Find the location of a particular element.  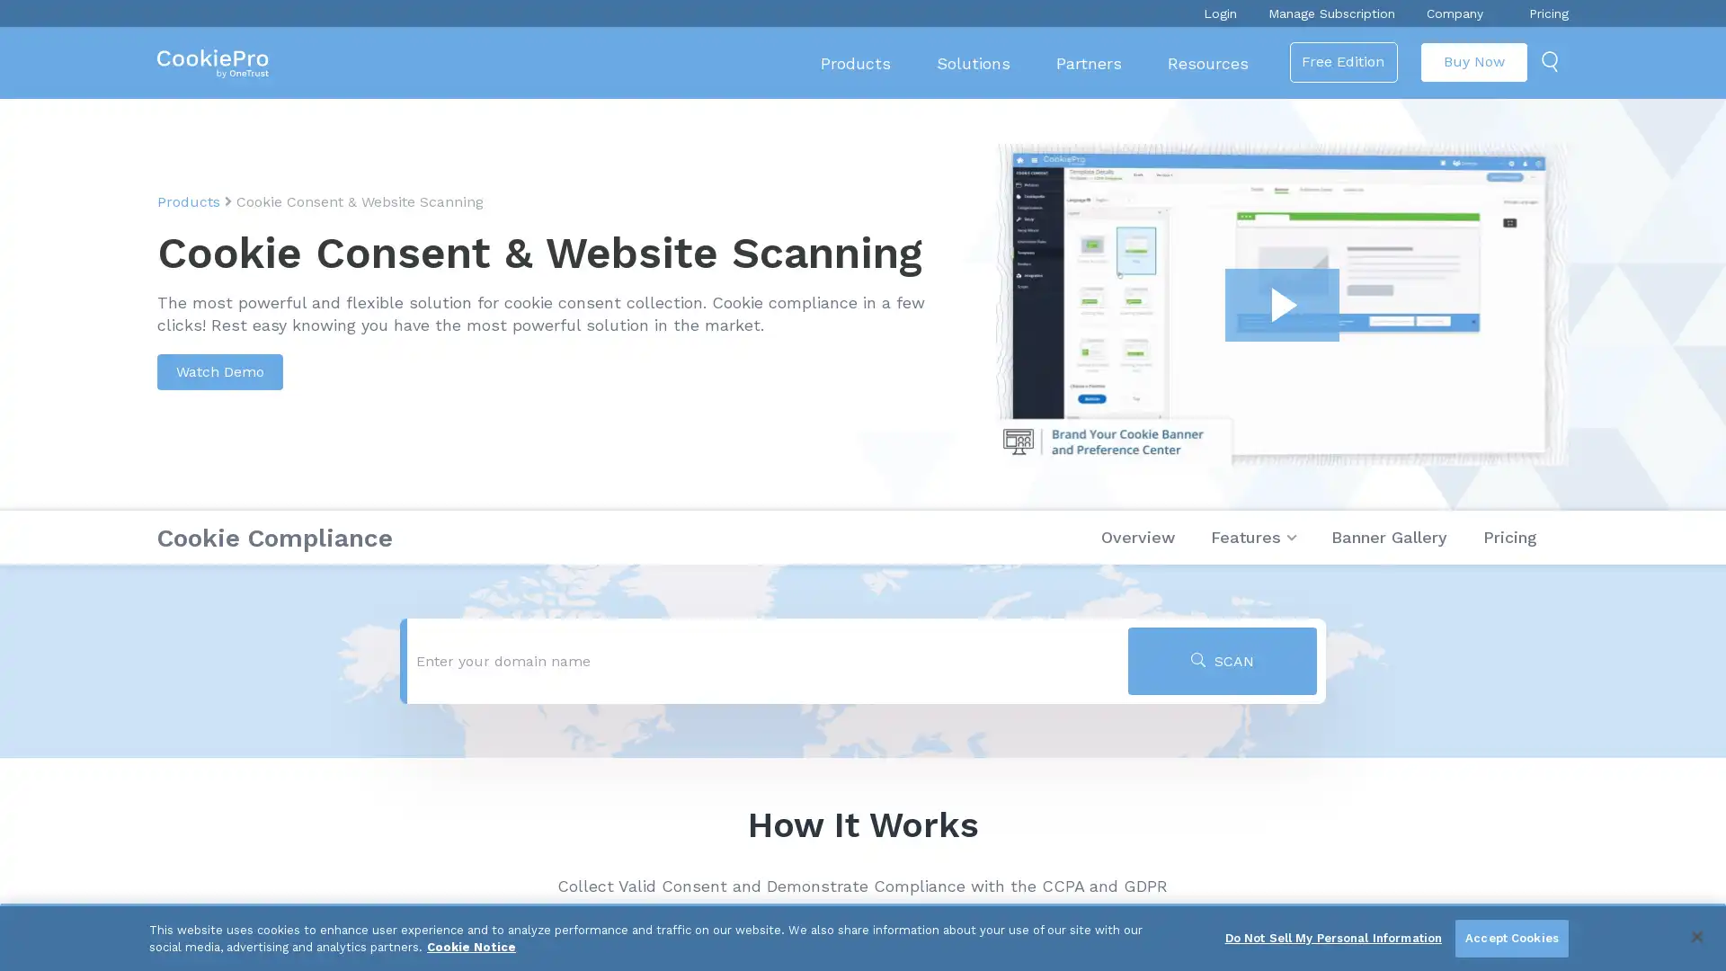

Play is located at coordinates (1281, 304).